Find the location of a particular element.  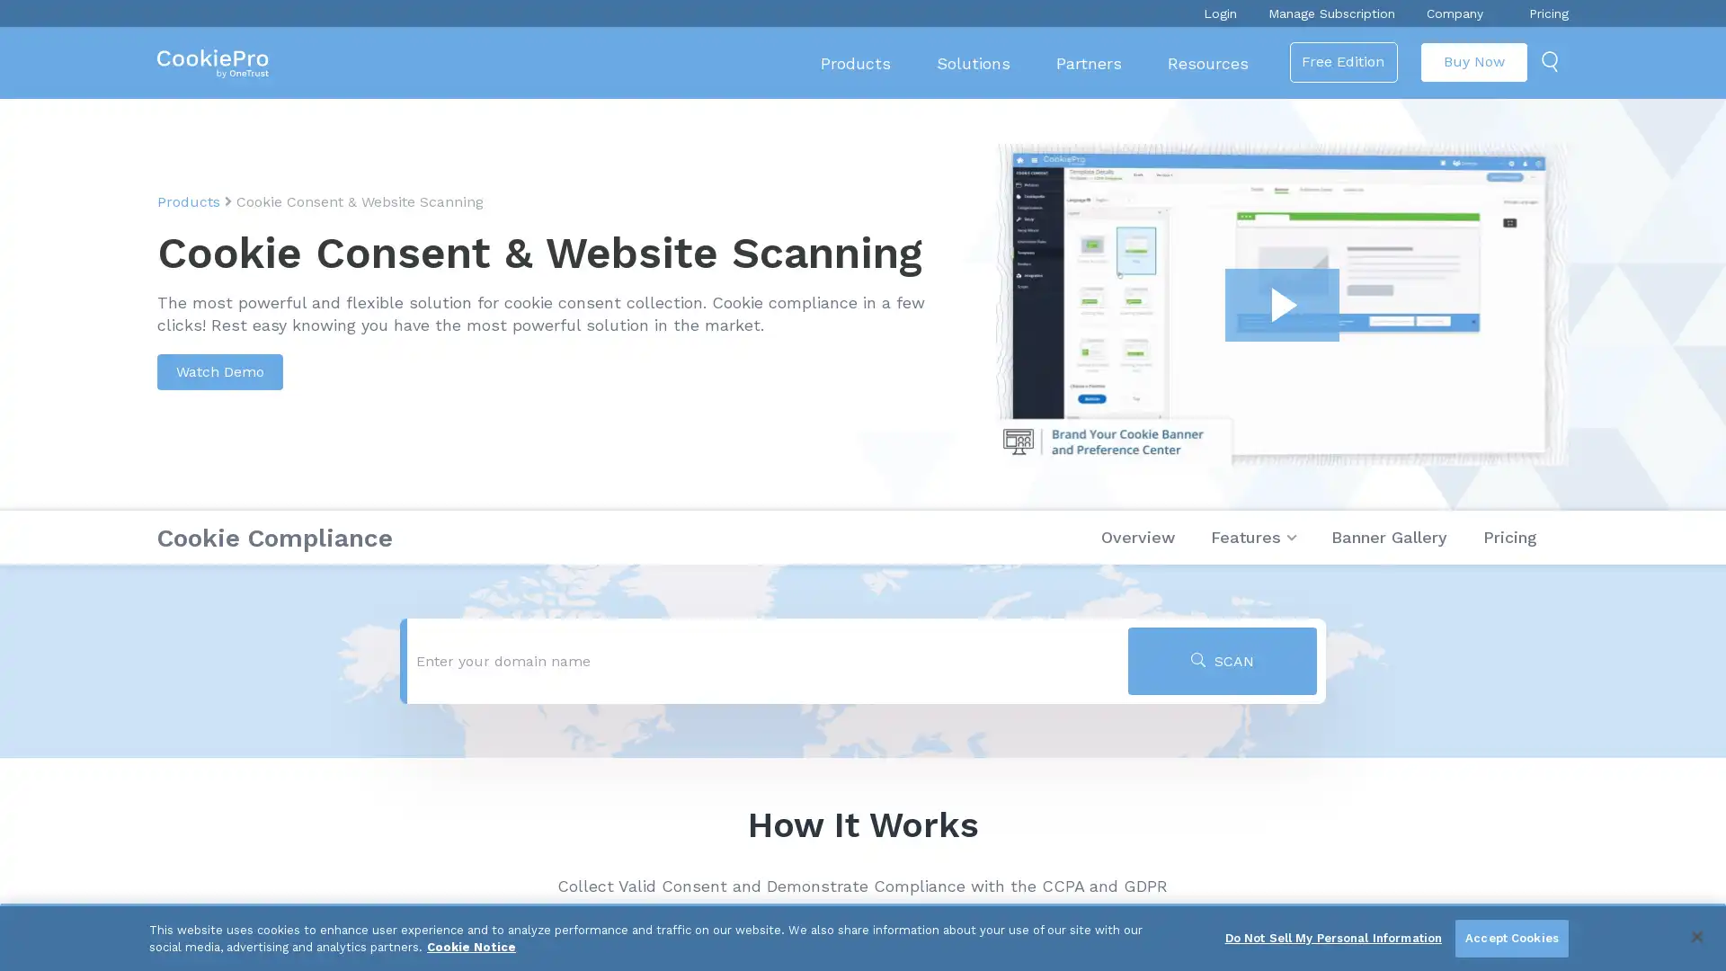

Play is located at coordinates (1281, 304).